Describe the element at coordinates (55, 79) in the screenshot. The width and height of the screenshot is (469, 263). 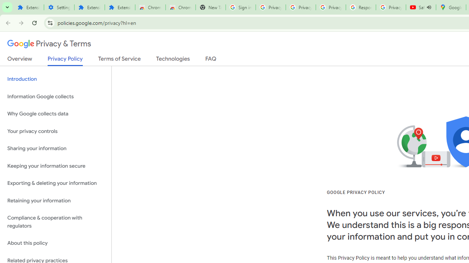
I see `'Introduction'` at that location.